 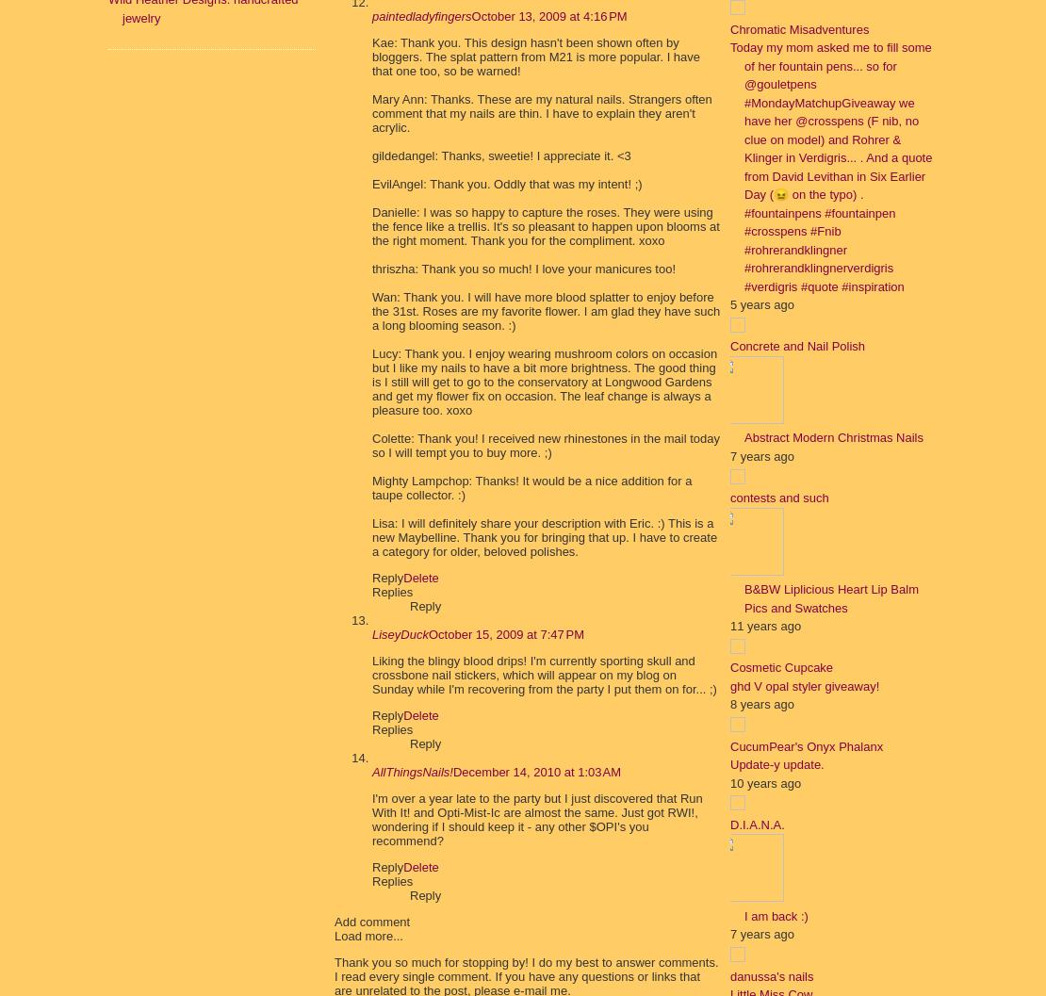 What do you see at coordinates (506, 184) in the screenshot?
I see `'EvilAngel: Thank you. Oddly that was my intent! ;)'` at bounding box center [506, 184].